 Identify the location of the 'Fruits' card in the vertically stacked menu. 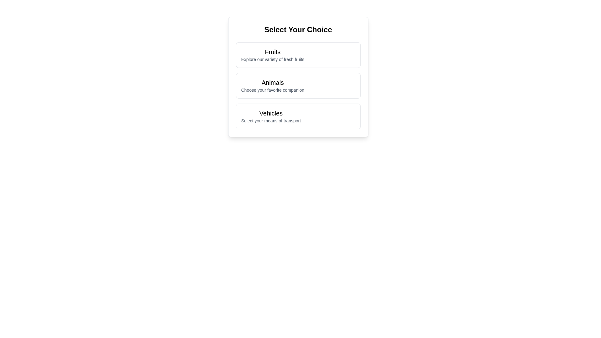
(298, 55).